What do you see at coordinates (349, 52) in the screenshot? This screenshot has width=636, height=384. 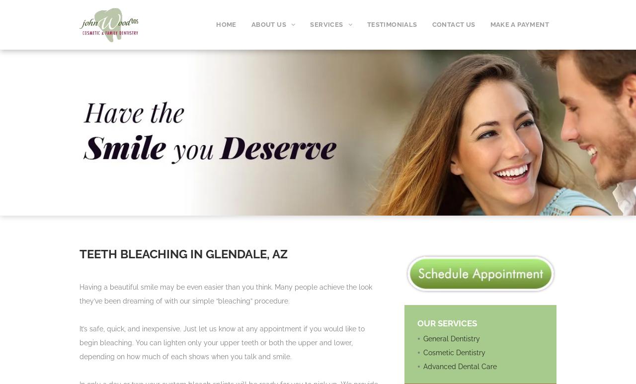 I see `'COSMETIC DENTISTRY'` at bounding box center [349, 52].